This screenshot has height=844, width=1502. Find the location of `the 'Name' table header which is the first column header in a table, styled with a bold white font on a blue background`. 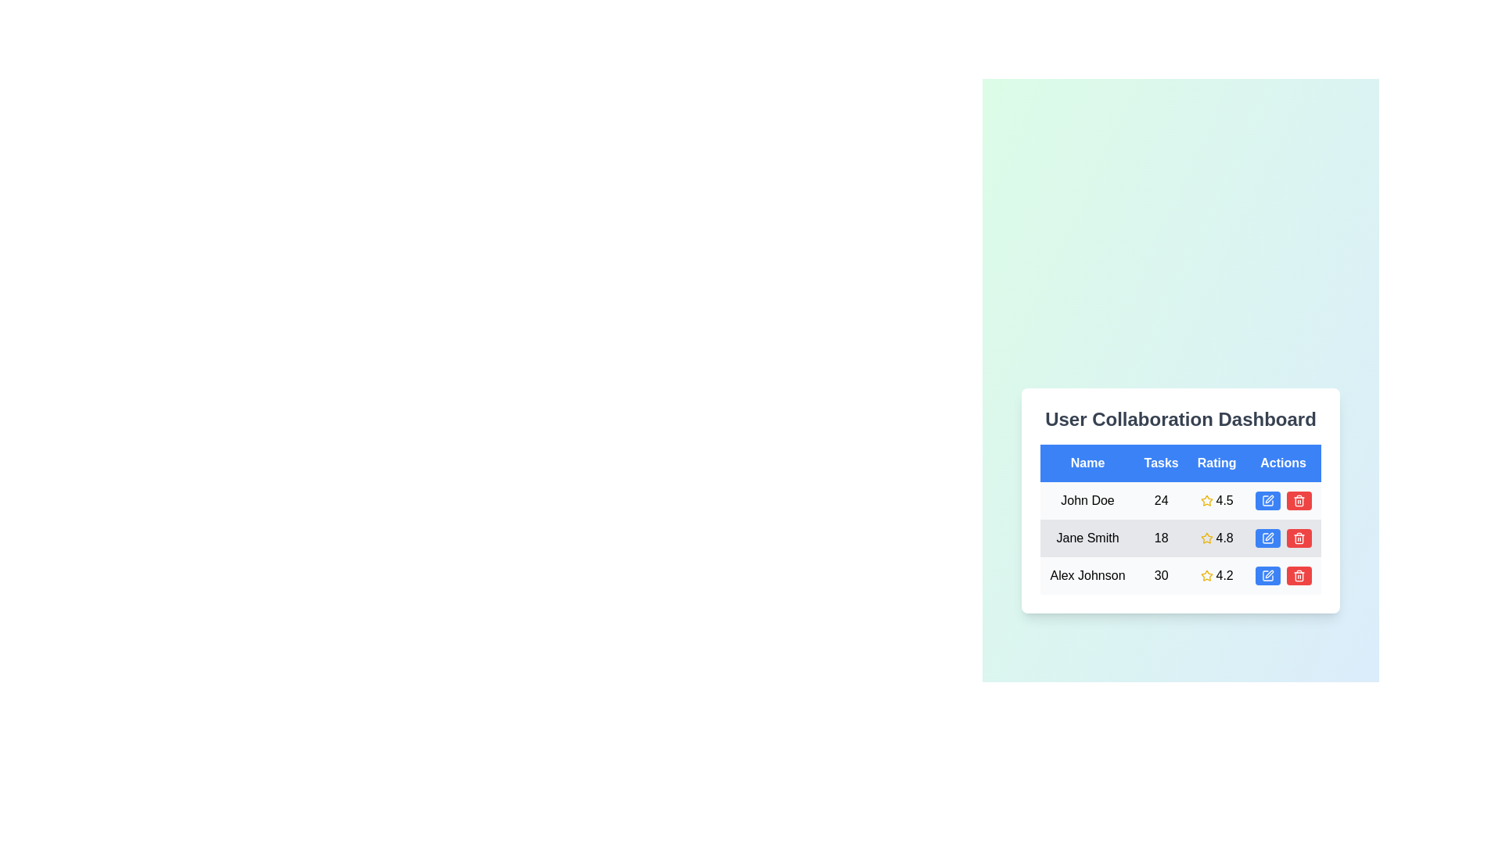

the 'Name' table header which is the first column header in a table, styled with a bold white font on a blue background is located at coordinates (1087, 463).